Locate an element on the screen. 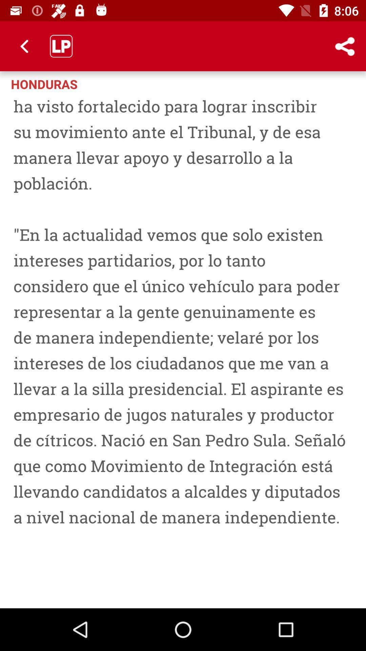 Image resolution: width=366 pixels, height=651 pixels. the item next to honduras is located at coordinates (345, 46).